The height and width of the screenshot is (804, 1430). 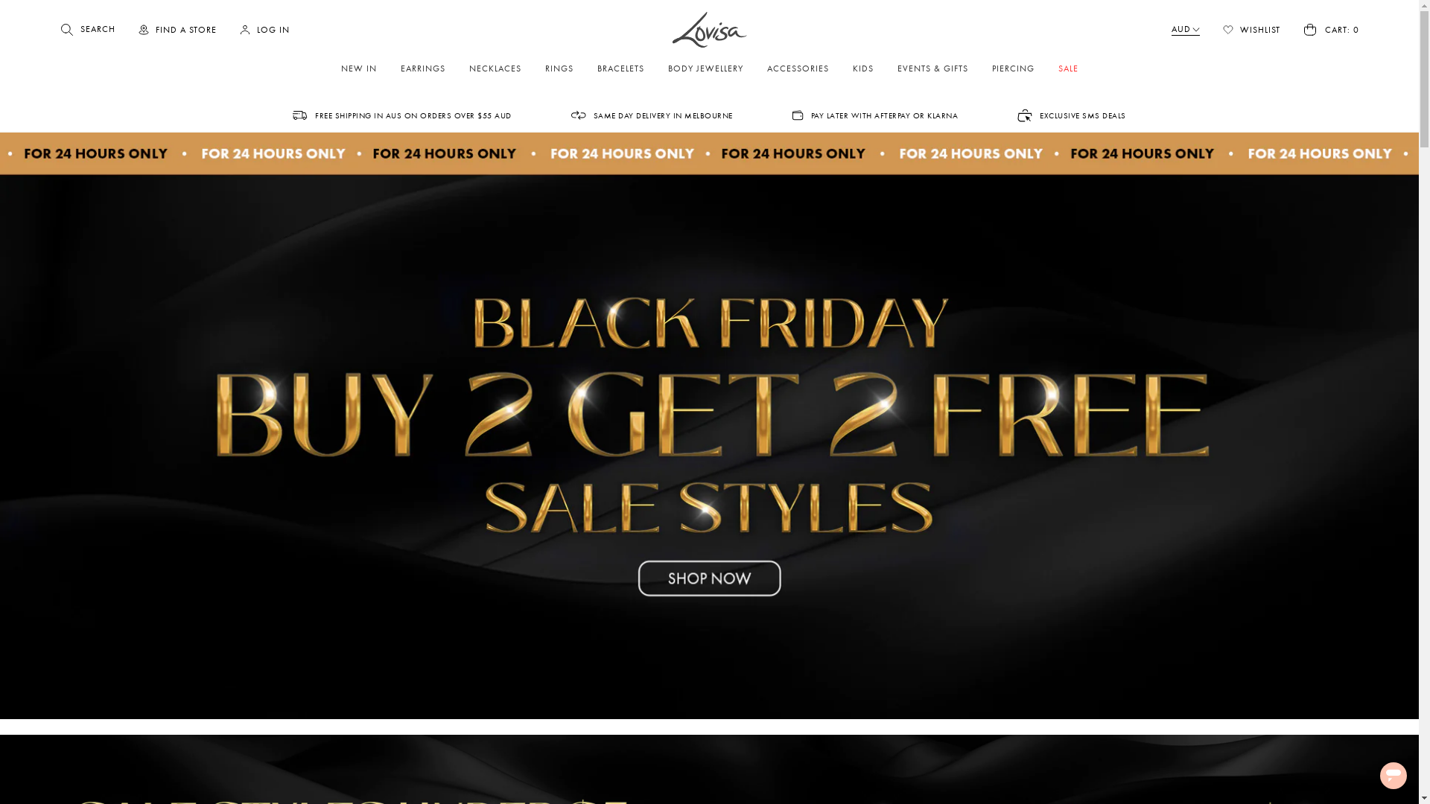 What do you see at coordinates (1071, 114) in the screenshot?
I see `'EXCLUSIVE SMS DEALS'` at bounding box center [1071, 114].